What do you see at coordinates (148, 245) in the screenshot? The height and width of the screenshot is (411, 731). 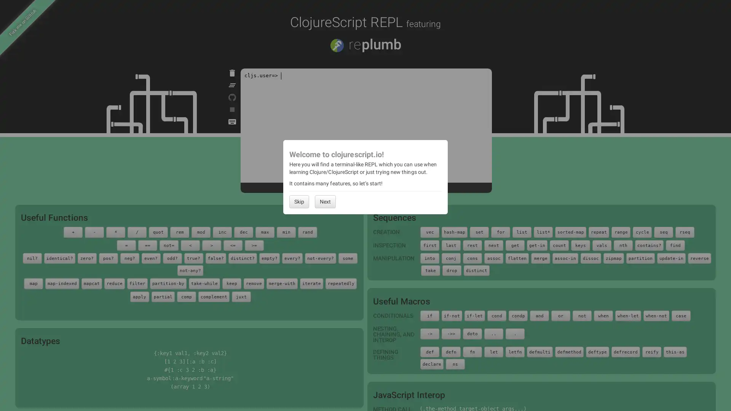 I see `==` at bounding box center [148, 245].